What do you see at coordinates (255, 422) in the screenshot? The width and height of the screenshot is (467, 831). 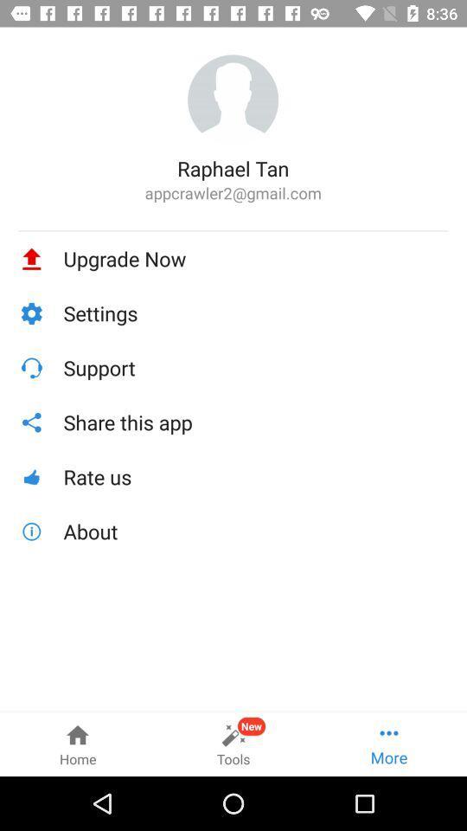 I see `share this app` at bounding box center [255, 422].